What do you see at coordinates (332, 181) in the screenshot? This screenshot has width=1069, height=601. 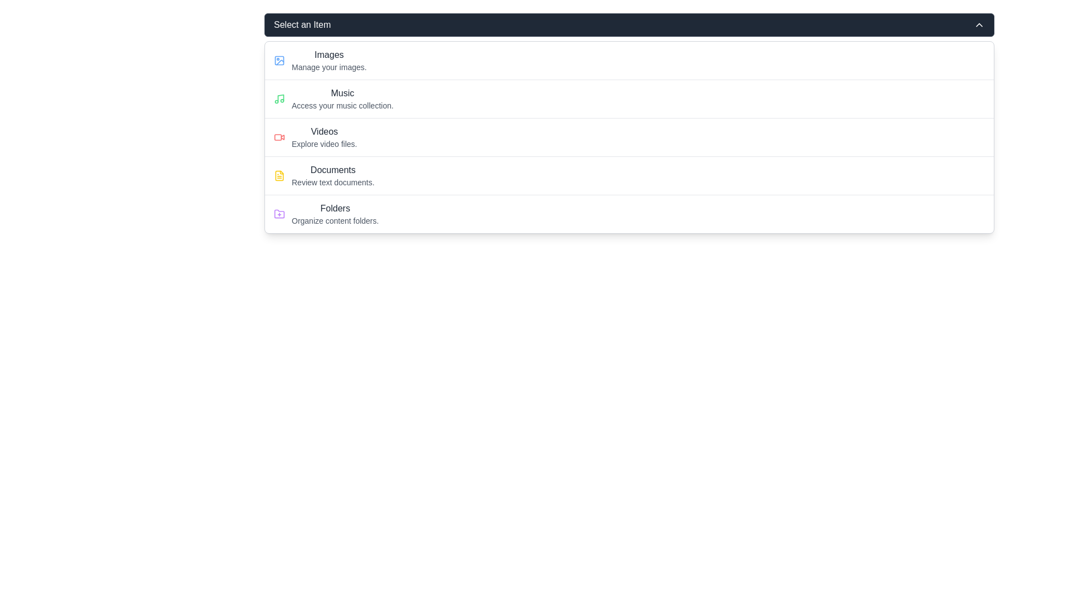 I see `the text label that provides additional descriptive context for the 'Documents' menu item, located directly below the 'Documents' title and to the right of the corresponding icon` at bounding box center [332, 181].